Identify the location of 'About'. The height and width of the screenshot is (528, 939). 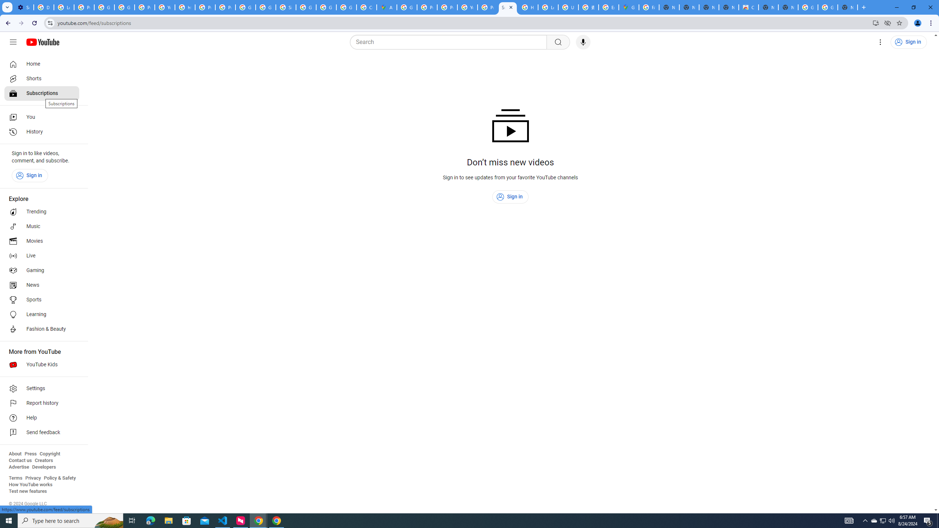
(15, 454).